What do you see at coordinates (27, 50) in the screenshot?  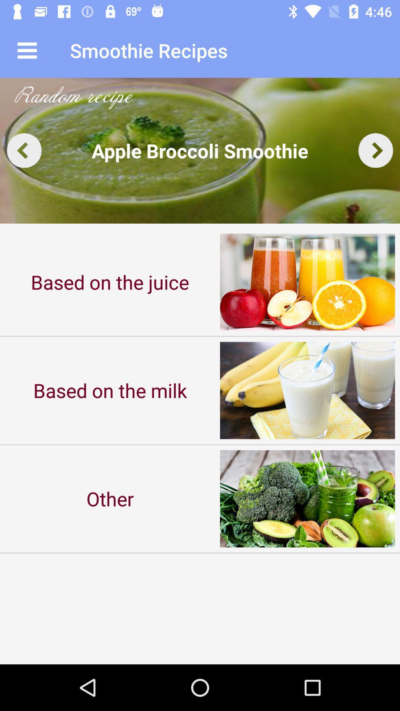 I see `the icon next to smoothie recipes` at bounding box center [27, 50].